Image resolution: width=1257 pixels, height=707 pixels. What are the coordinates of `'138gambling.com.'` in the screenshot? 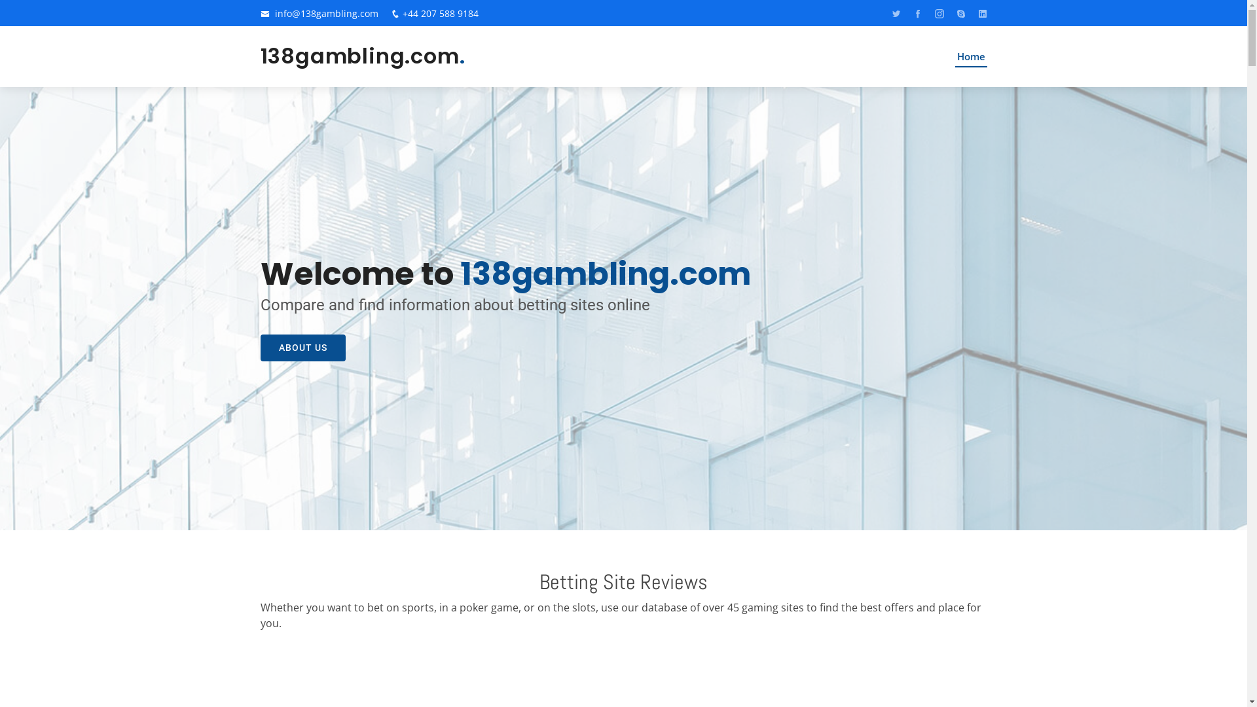 It's located at (363, 55).